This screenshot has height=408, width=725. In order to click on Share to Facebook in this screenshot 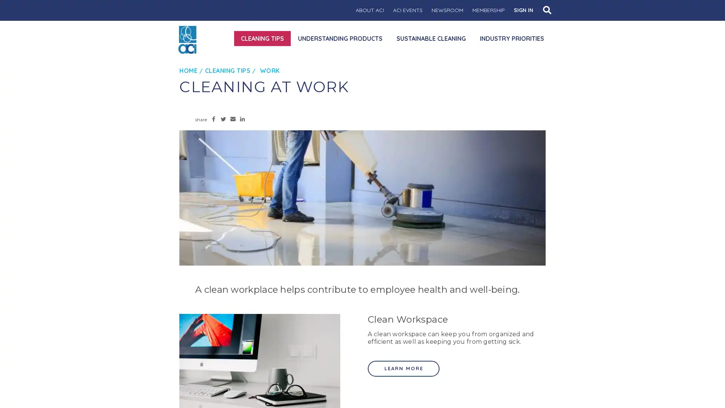, I will do `click(213, 119)`.